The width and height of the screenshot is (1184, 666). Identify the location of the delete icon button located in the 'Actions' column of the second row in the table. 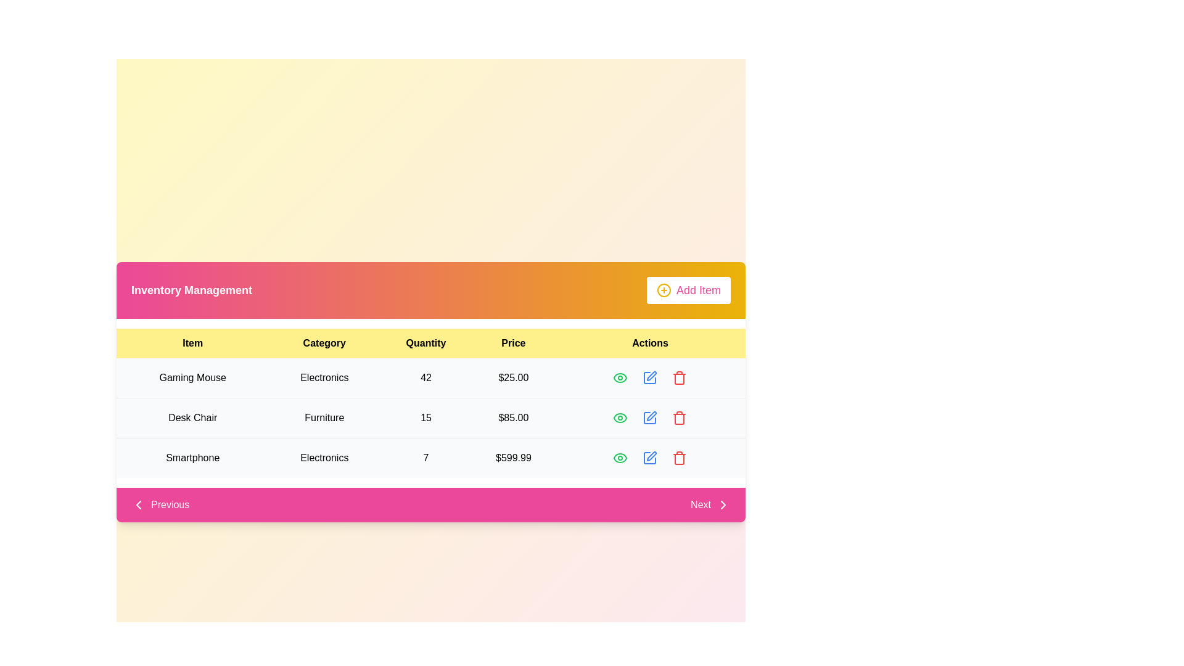
(679, 417).